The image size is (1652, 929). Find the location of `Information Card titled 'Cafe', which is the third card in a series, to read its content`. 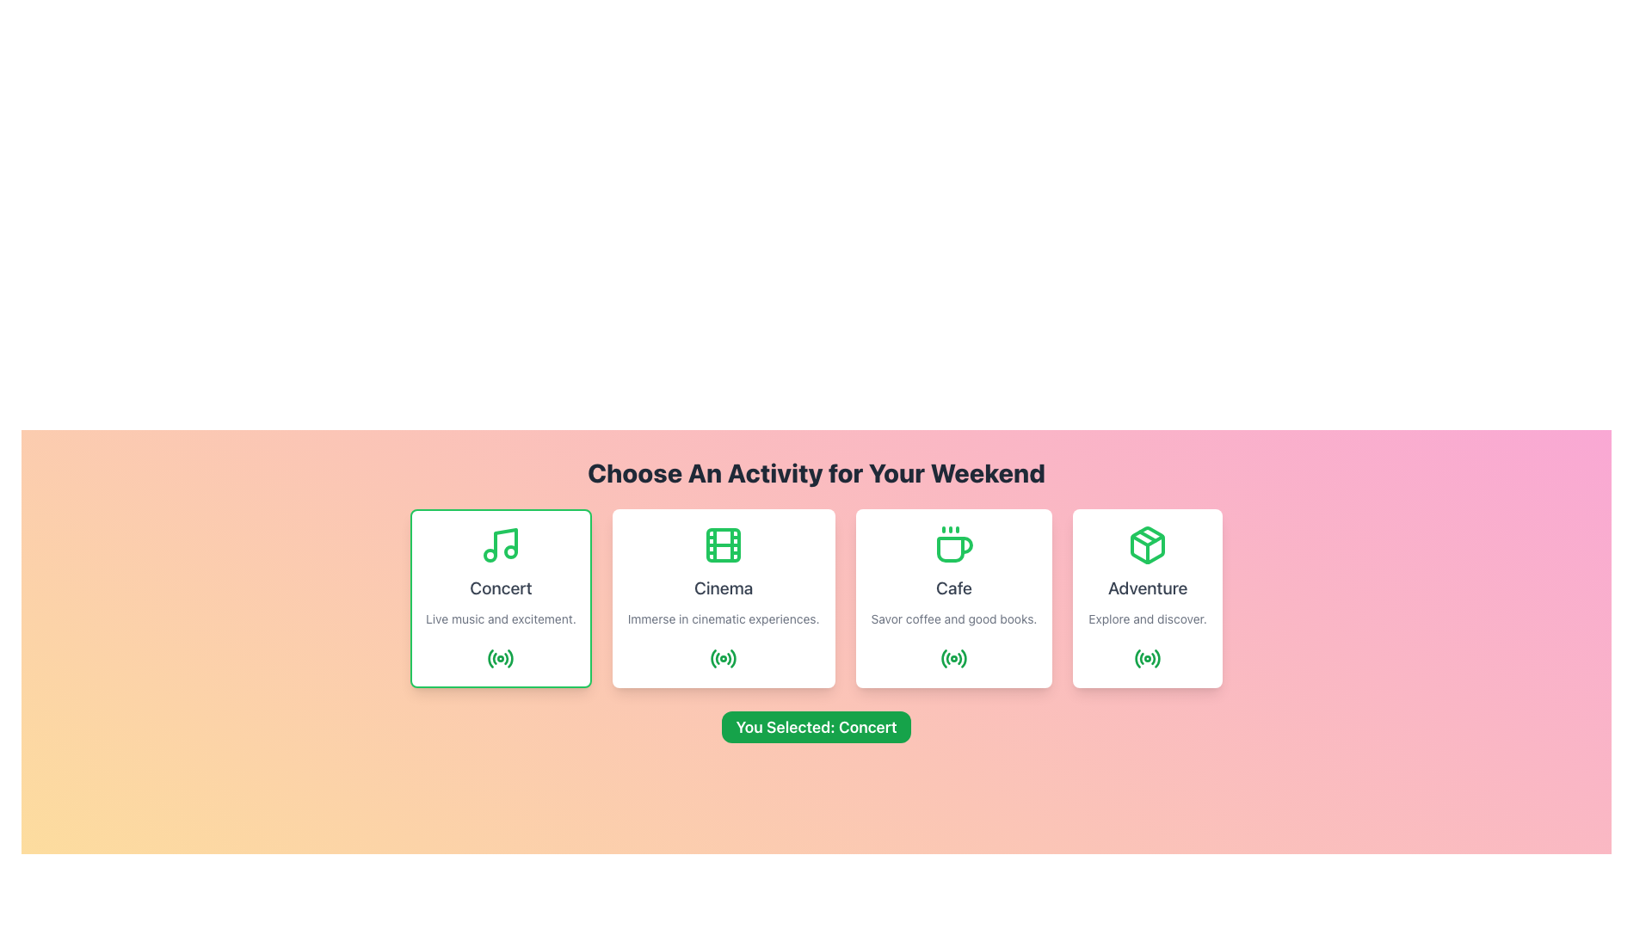

Information Card titled 'Cafe', which is the third card in a series, to read its content is located at coordinates (952, 597).